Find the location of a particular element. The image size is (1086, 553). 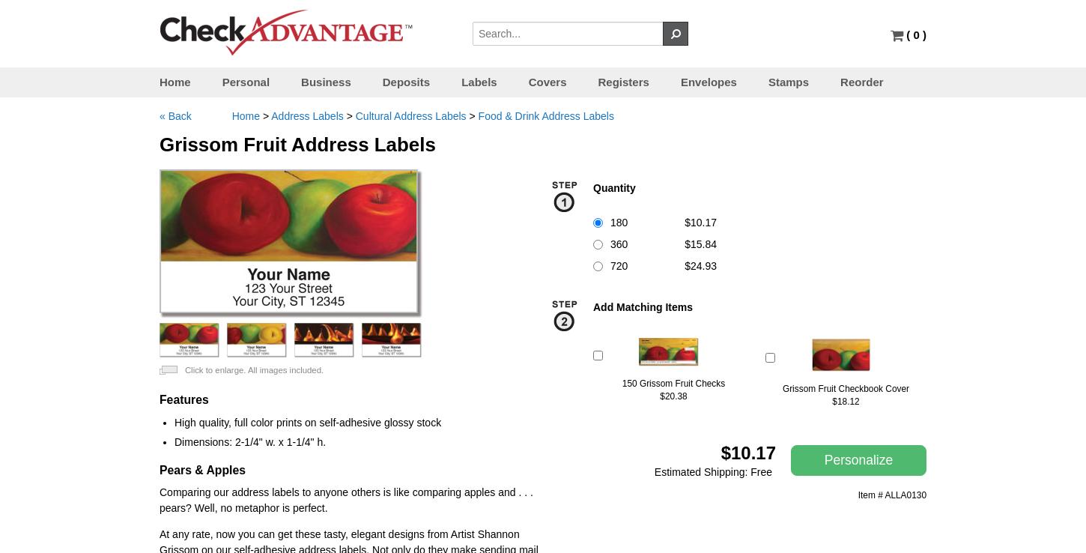

'Envelopes' is located at coordinates (679, 81).